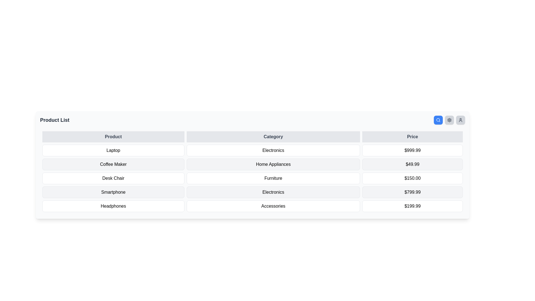  Describe the element at coordinates (273, 206) in the screenshot. I see `the 'Accessories' text label, which is a medium-sized box with rounded corners displaying white text in the sixth row of the table under the 'Category' column` at that location.